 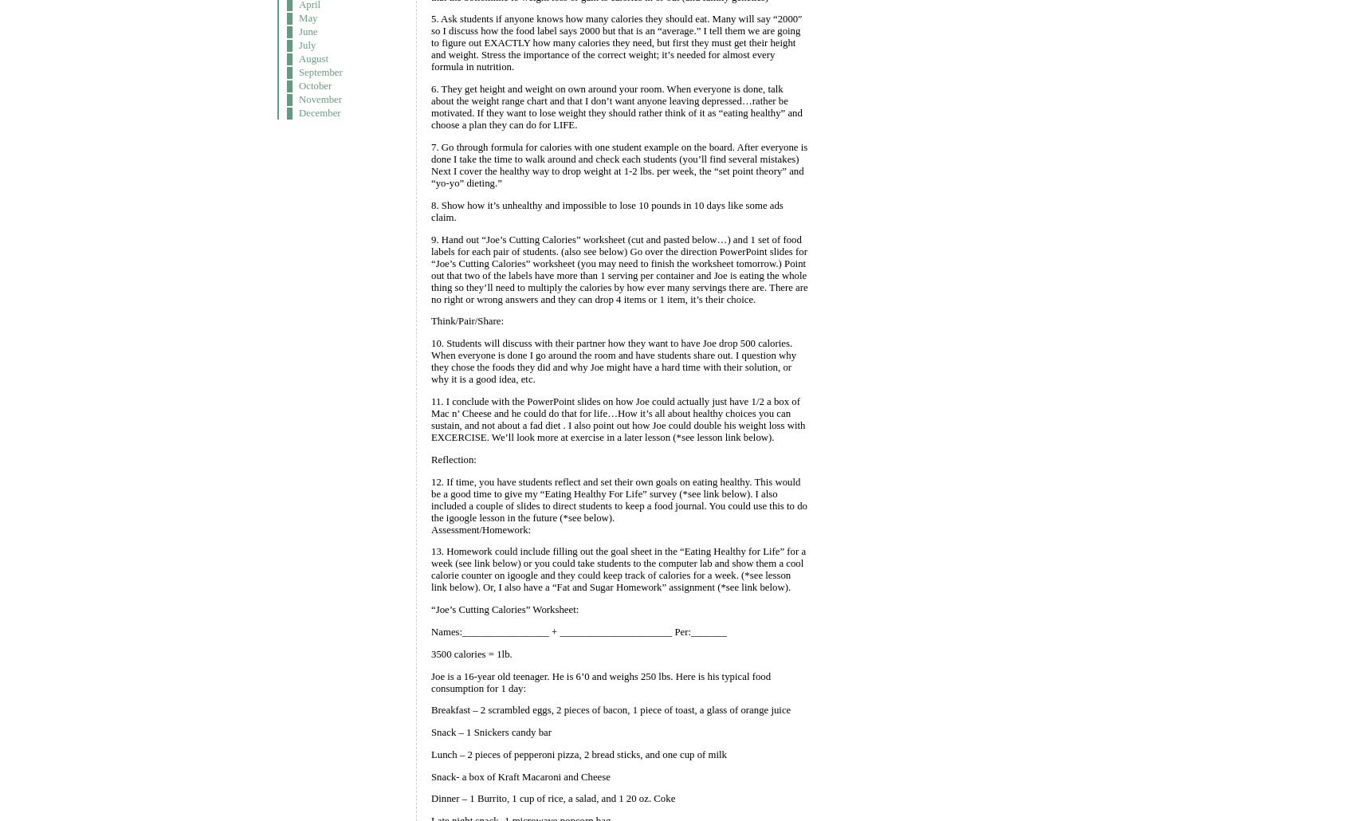 What do you see at coordinates (298, 31) in the screenshot?
I see `'June'` at bounding box center [298, 31].